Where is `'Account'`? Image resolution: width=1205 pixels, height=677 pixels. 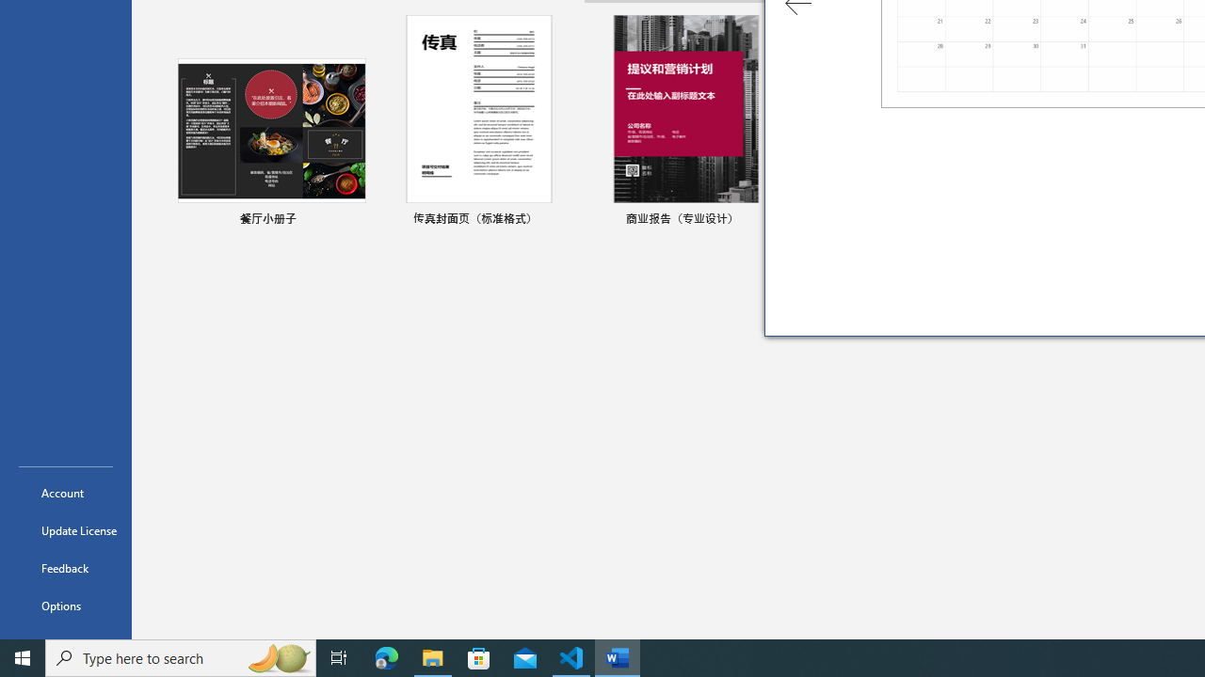
'Account' is located at coordinates (65, 492).